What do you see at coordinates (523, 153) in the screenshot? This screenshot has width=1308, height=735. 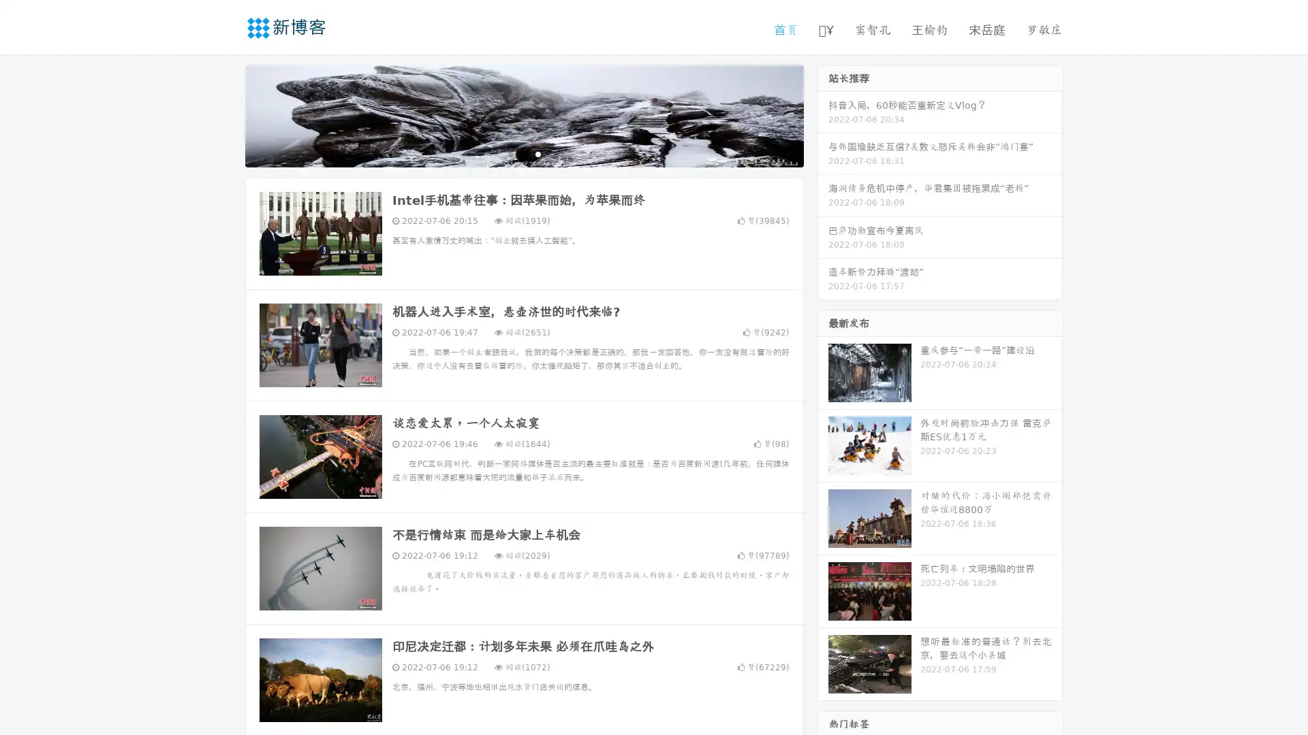 I see `Go to slide 2` at bounding box center [523, 153].